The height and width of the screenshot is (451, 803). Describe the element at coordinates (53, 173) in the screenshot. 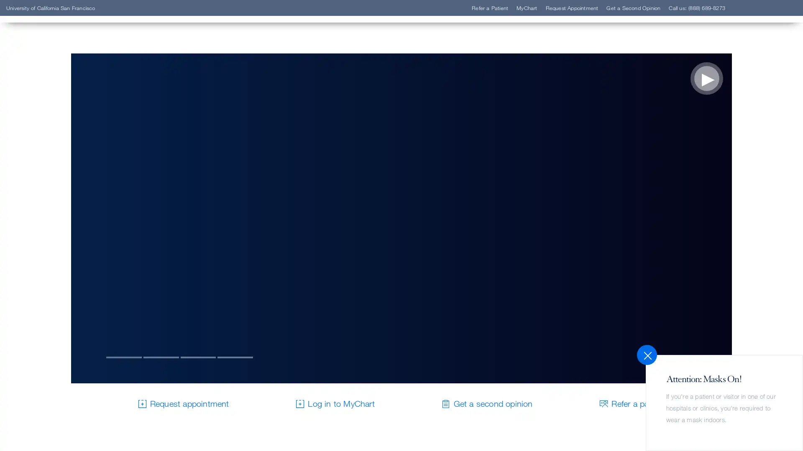

I see `Treatments` at that location.